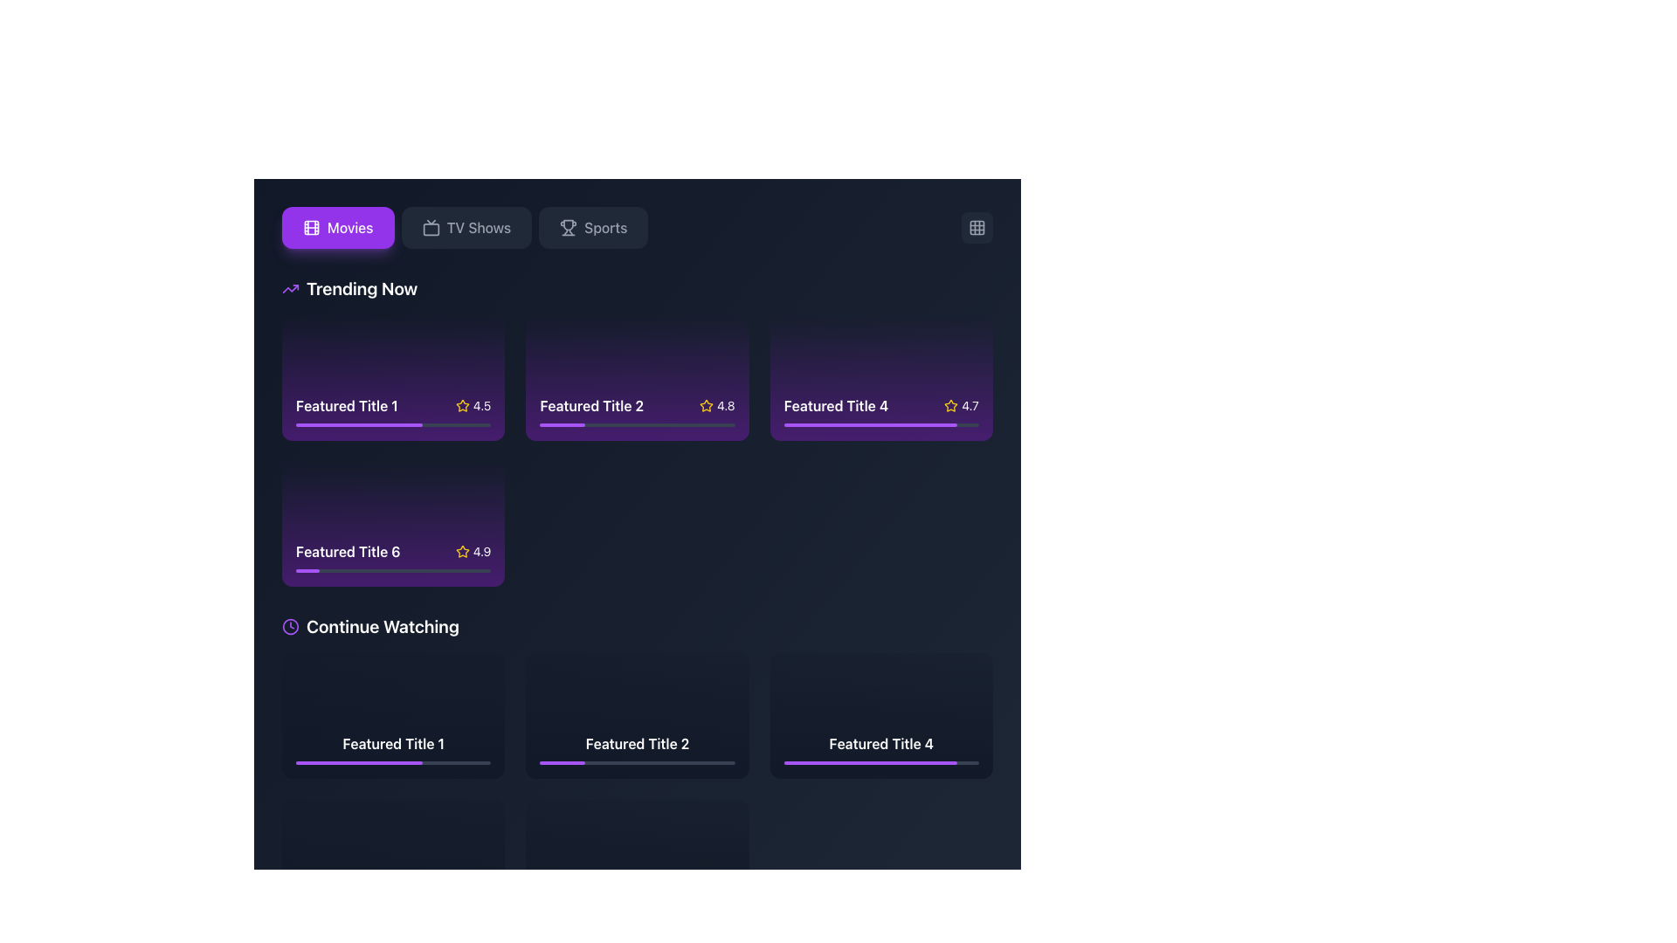  Describe the element at coordinates (881, 376) in the screenshot. I see `the interactive card titled 'Featured Title 4' with a dark purple gradient background` at that location.